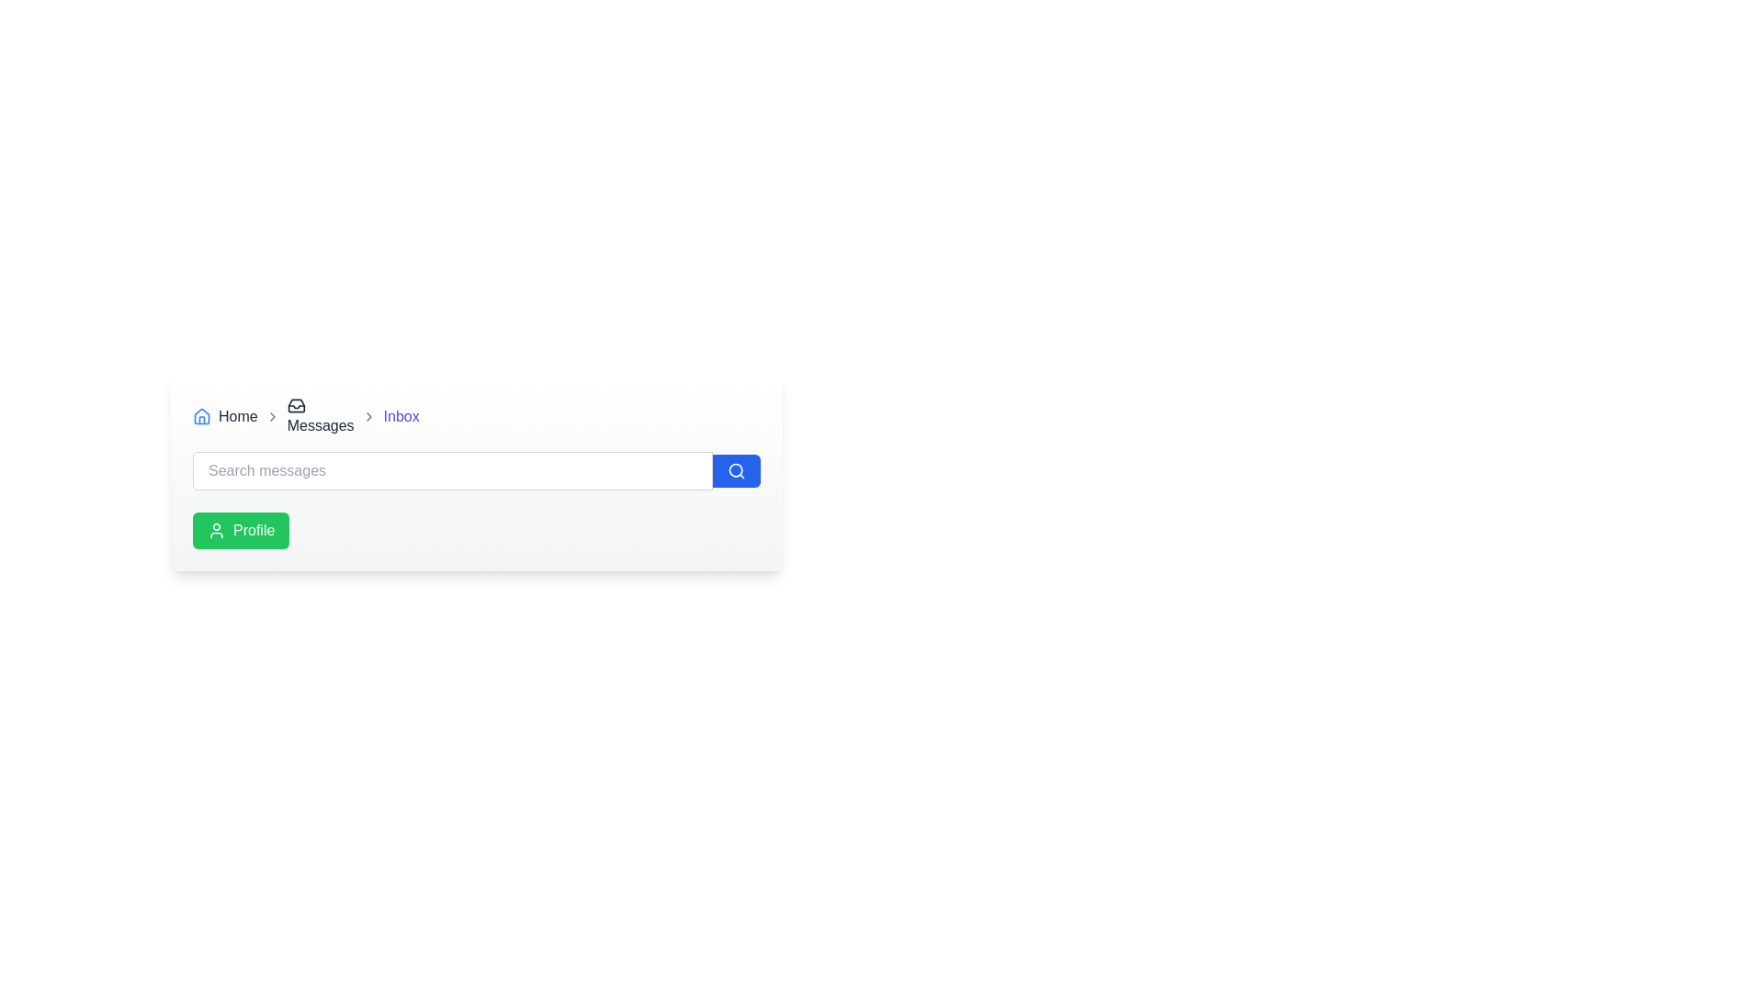 The height and width of the screenshot is (992, 1764). What do you see at coordinates (736, 470) in the screenshot?
I see `the blue circular button with a white magnifying glass icon located at the extreme right of the 'Search messages' input field` at bounding box center [736, 470].